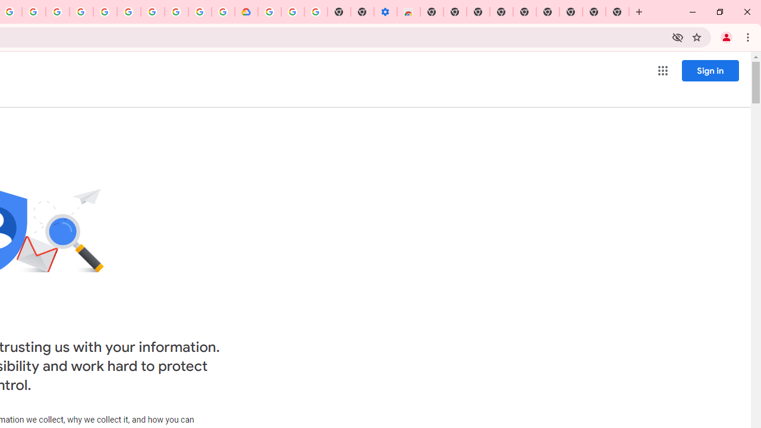  I want to click on 'Google apps', so click(662, 71).